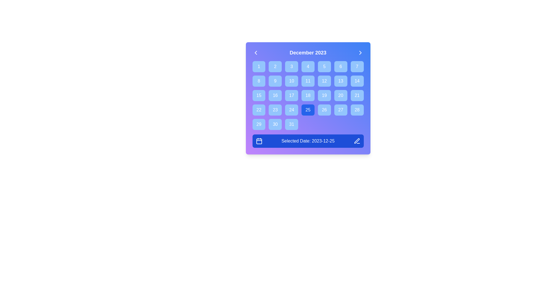  What do you see at coordinates (259, 66) in the screenshot?
I see `the date button located in the first row and first column of the calendar grid` at bounding box center [259, 66].